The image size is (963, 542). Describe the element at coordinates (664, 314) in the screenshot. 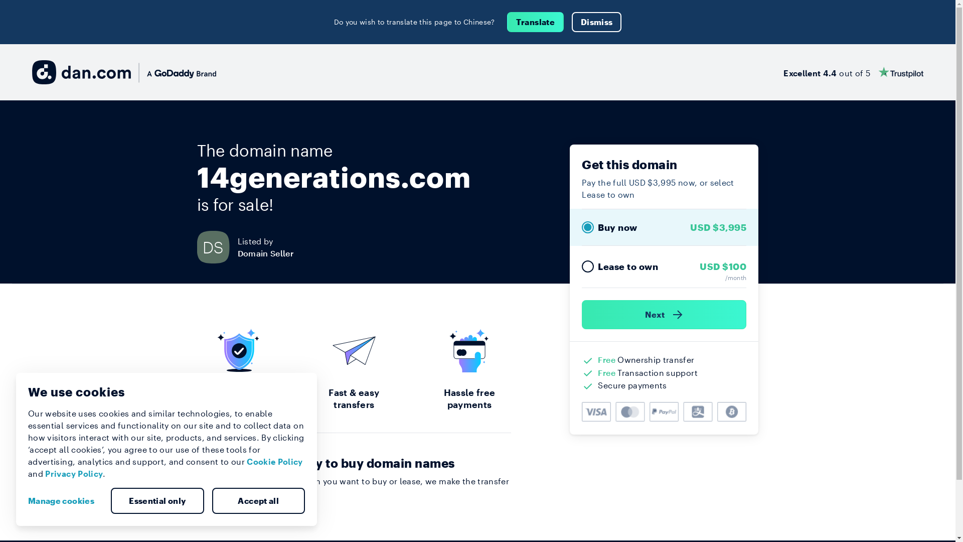

I see `'Next` at that location.